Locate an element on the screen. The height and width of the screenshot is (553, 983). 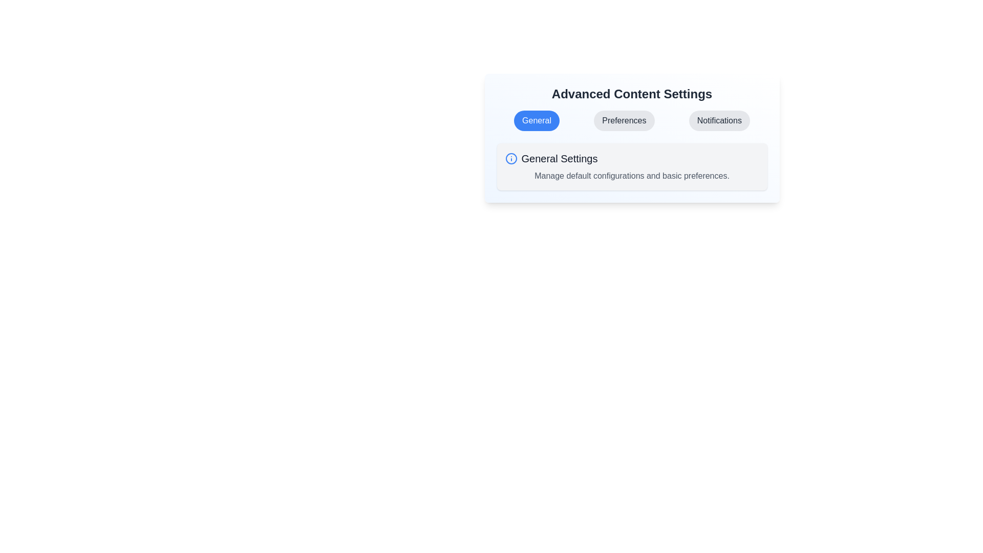
the first button labeled 'General' in the horizontal arrangement of buttons is located at coordinates (536, 120).